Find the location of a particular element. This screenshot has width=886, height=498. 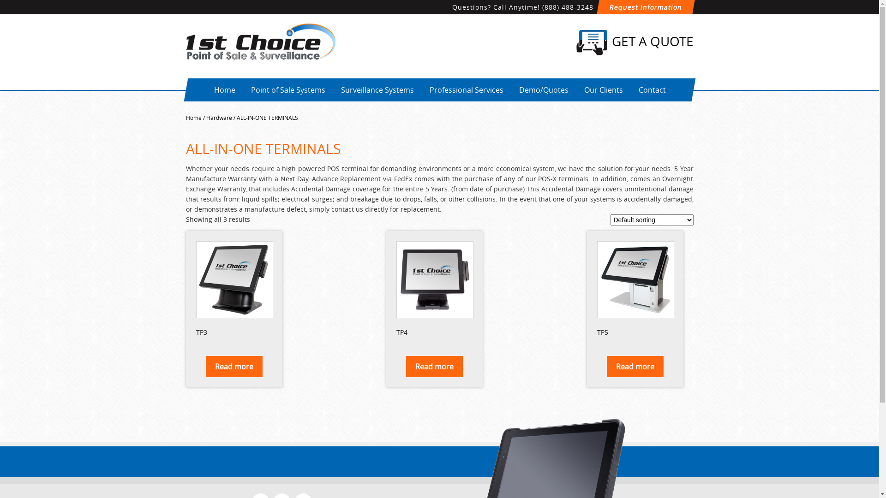

'Contact' is located at coordinates (631, 90).